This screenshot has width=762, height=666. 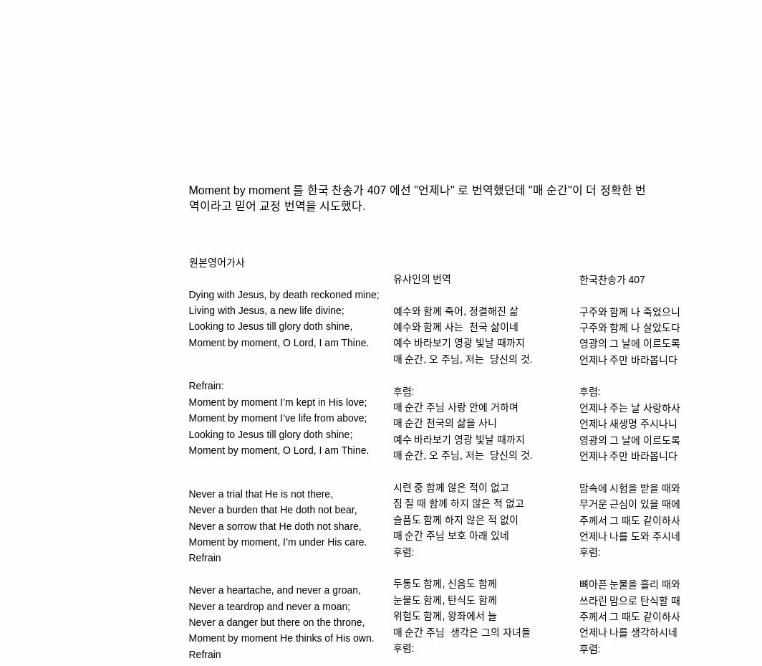 What do you see at coordinates (270, 325) in the screenshot?
I see `'Looking to Jesus till glory doth shine,'` at bounding box center [270, 325].